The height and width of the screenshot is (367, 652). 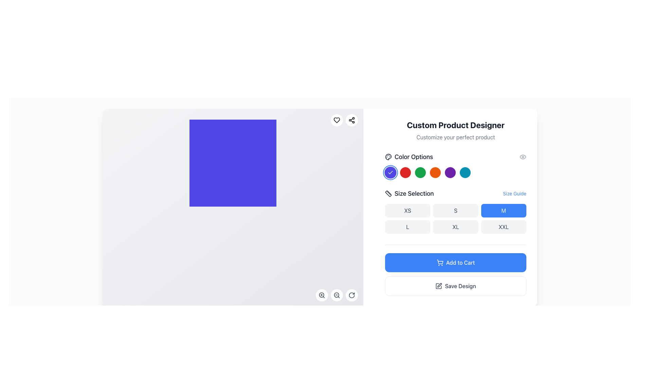 What do you see at coordinates (352, 295) in the screenshot?
I see `the clockwise rotation icon button located at the bottom-right corner of the canvas` at bounding box center [352, 295].